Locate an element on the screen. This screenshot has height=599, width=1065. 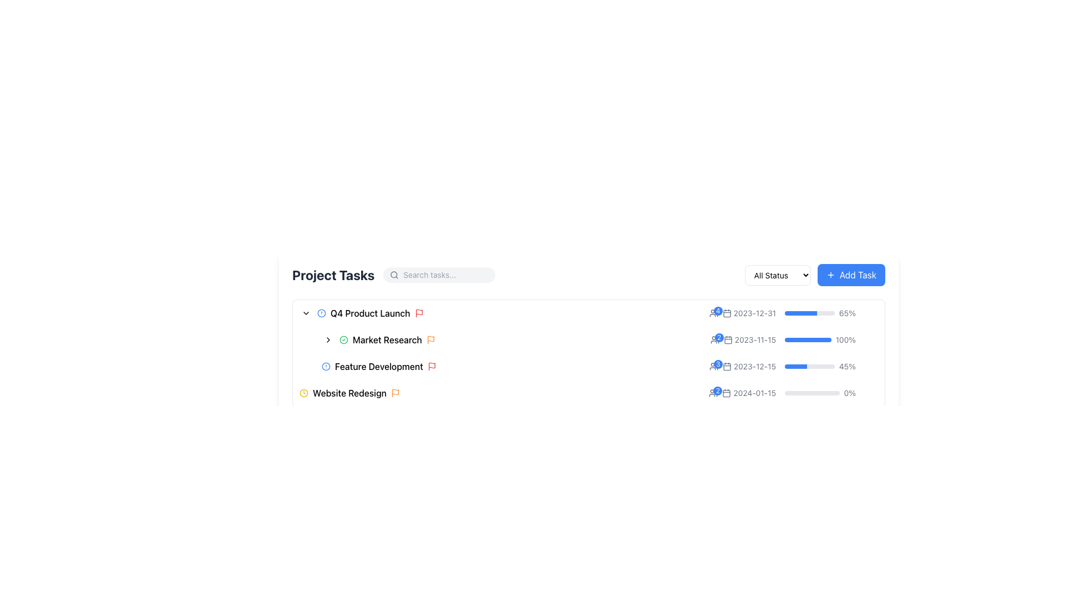
the horizontal progress bar with rounded edges and a gray background, representing zero percent progress, located under the 'Website Redesign' section dated 2024-01-15 is located at coordinates (812, 393).